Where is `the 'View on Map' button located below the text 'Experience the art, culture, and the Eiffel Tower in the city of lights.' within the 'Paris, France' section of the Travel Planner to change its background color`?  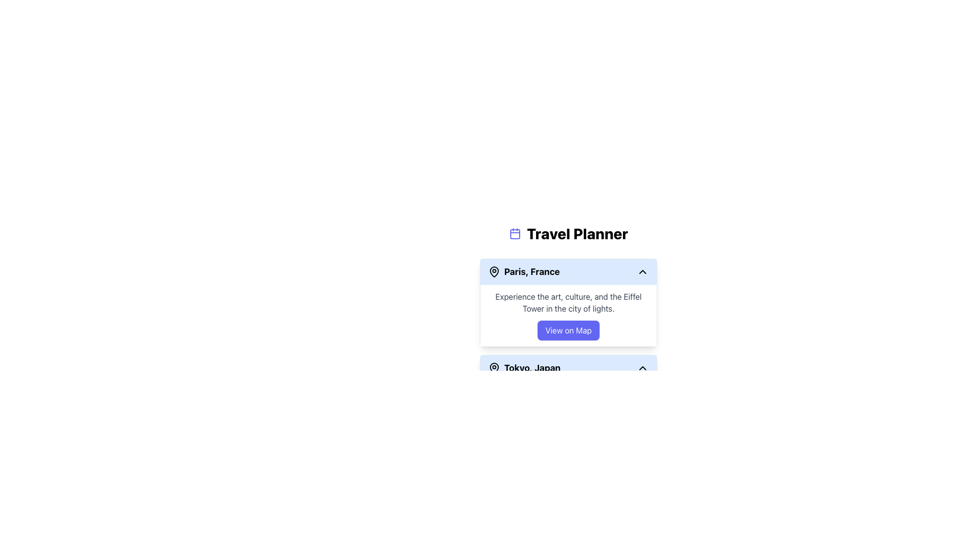 the 'View on Map' button located below the text 'Experience the art, culture, and the Eiffel Tower in the city of lights.' within the 'Paris, France' section of the Travel Planner to change its background color is located at coordinates (568, 316).